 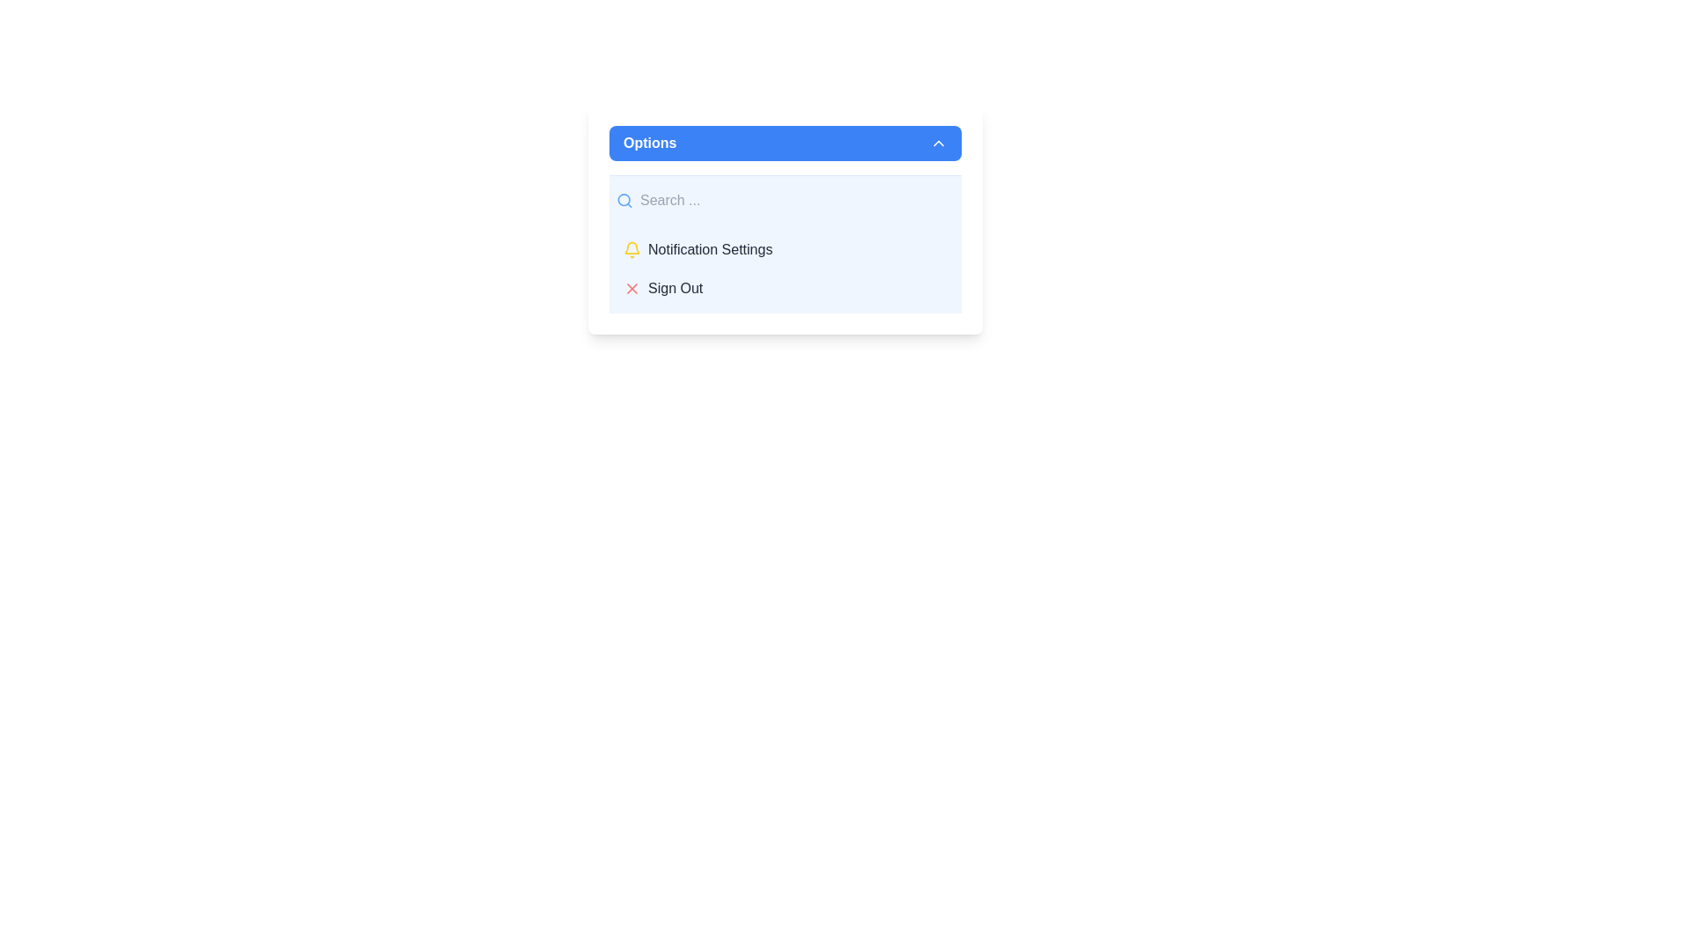 What do you see at coordinates (632, 250) in the screenshot?
I see `the yellow bell icon located next to 'Notification Settings' in the dropdown menu under 'Options'` at bounding box center [632, 250].